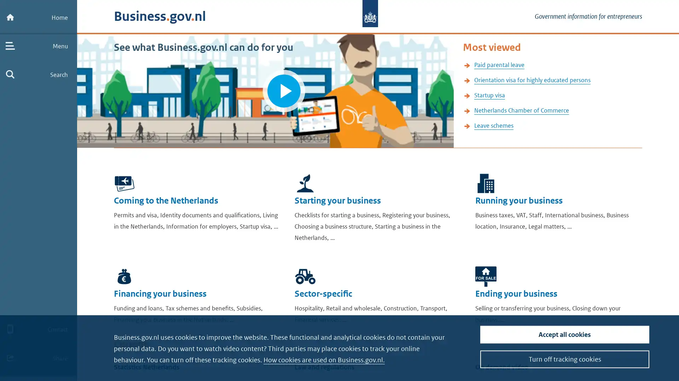  I want to click on Turn off tracking cookies, so click(564, 358).